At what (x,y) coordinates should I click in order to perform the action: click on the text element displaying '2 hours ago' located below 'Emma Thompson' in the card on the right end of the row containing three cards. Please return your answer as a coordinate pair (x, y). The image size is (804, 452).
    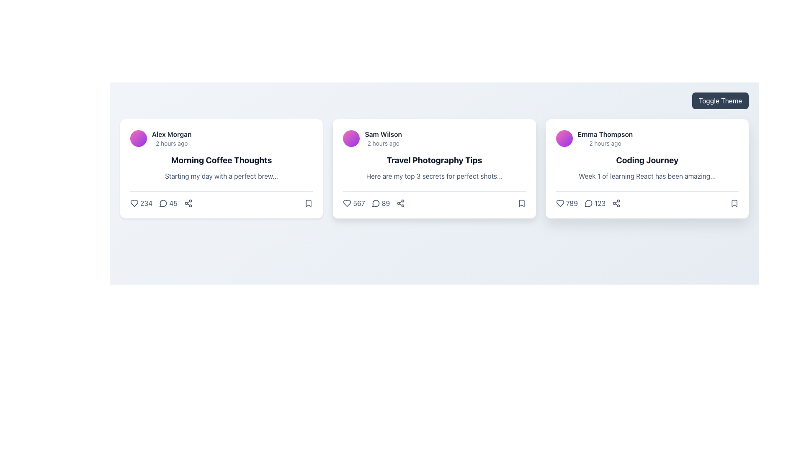
    Looking at the image, I should click on (605, 143).